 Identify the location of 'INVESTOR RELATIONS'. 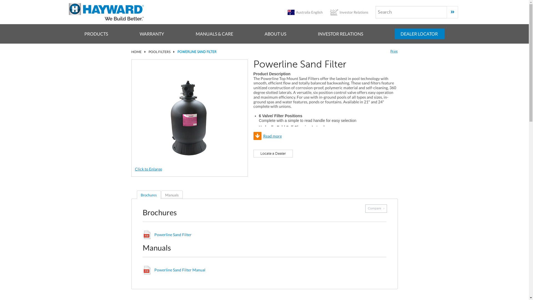
(318, 34).